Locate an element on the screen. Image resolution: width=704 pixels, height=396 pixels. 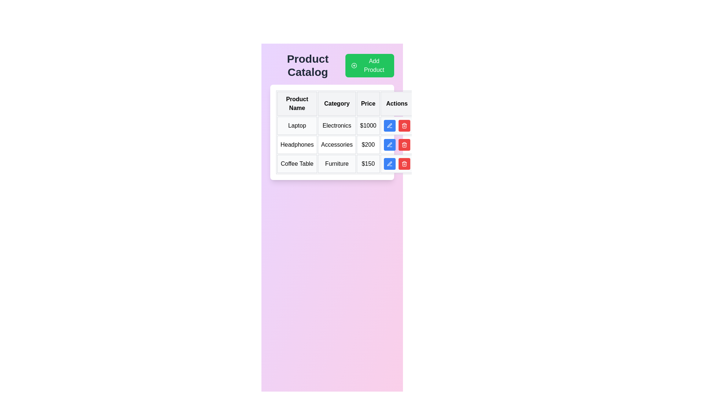
the 'Edit' icon inside the 'Actions' column of the third row for the 'Coffee Table' product is located at coordinates (389, 163).